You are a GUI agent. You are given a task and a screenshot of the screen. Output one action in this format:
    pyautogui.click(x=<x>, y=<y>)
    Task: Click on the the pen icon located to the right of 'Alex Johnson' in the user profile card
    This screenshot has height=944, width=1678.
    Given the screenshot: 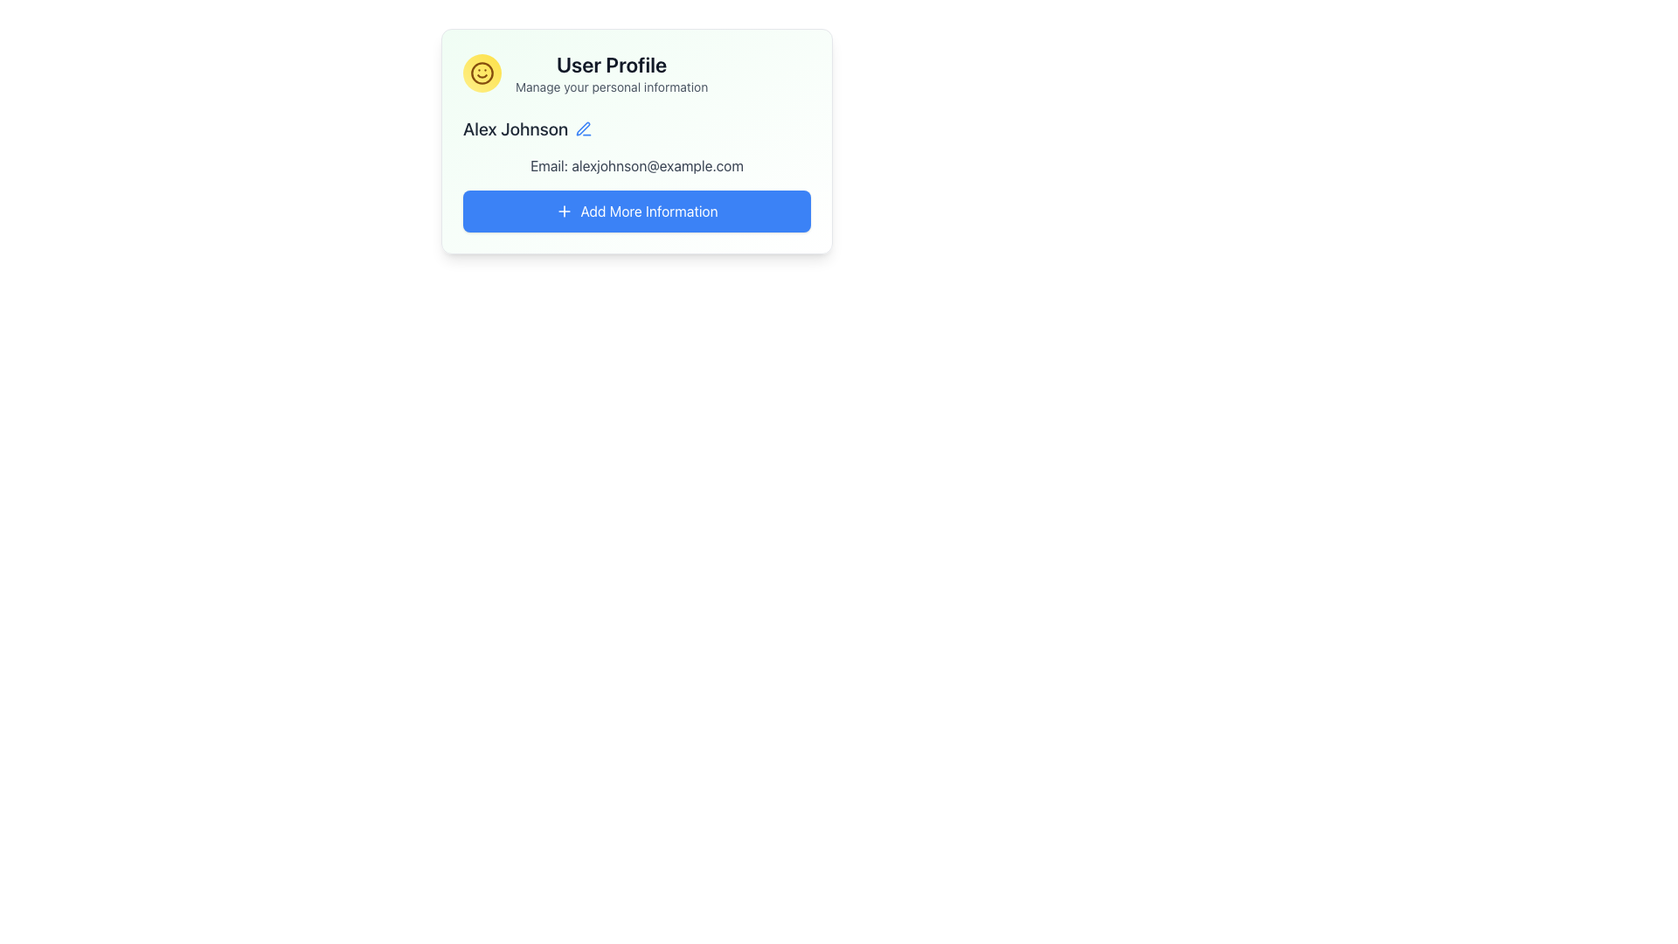 What is the action you would take?
    pyautogui.click(x=583, y=128)
    